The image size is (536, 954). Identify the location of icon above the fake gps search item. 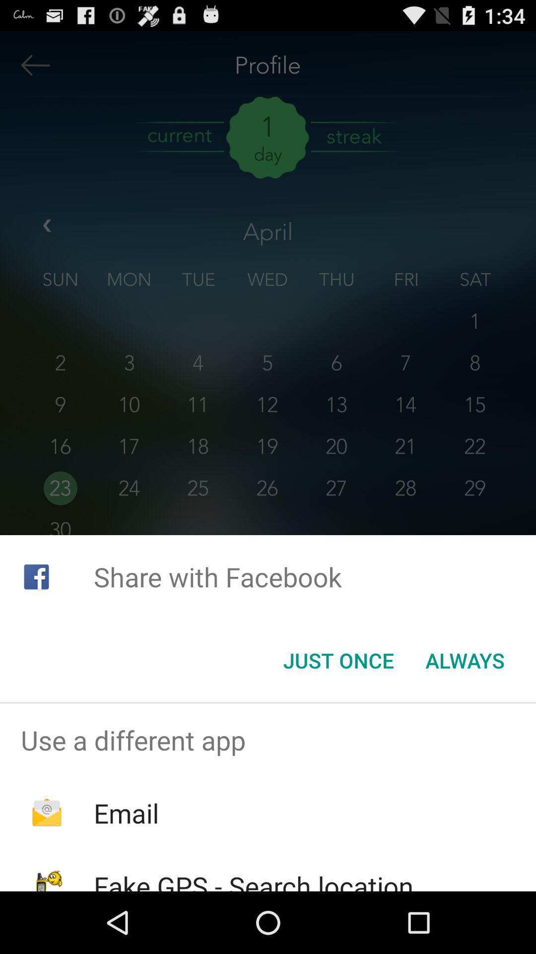
(126, 813).